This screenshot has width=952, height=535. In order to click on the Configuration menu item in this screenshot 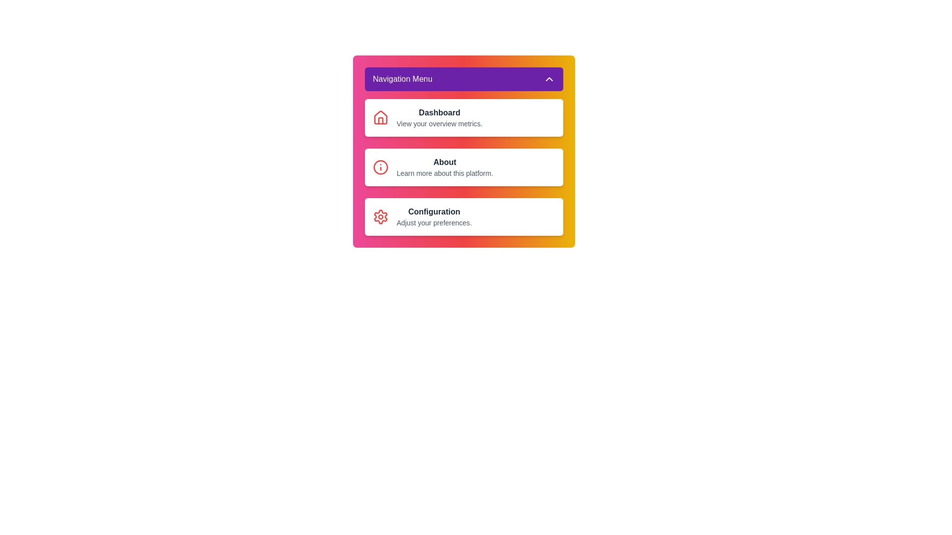, I will do `click(464, 216)`.